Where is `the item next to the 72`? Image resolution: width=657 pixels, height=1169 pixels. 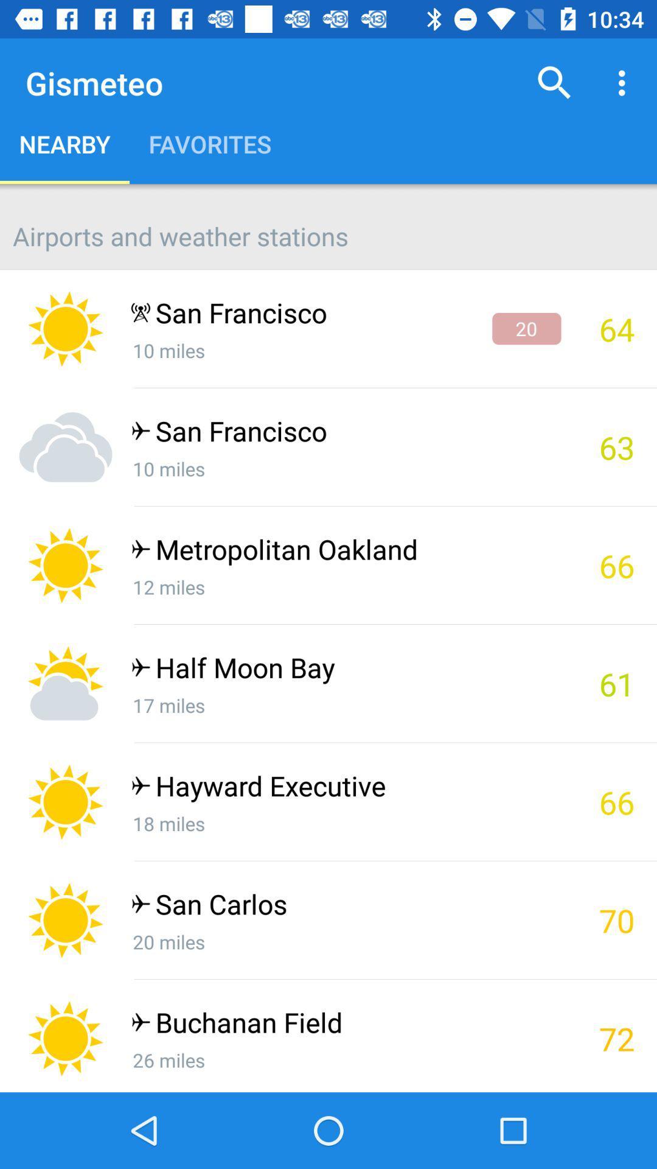 the item next to the 72 is located at coordinates (346, 1025).